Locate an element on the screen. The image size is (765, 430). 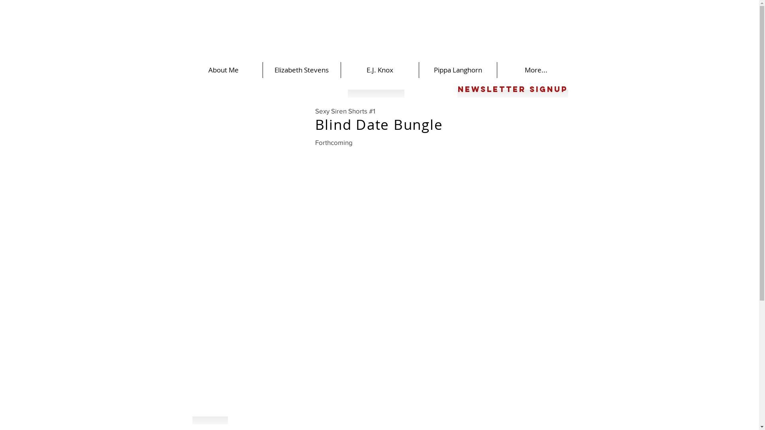
'Pippa Langhorn' is located at coordinates (457, 70).